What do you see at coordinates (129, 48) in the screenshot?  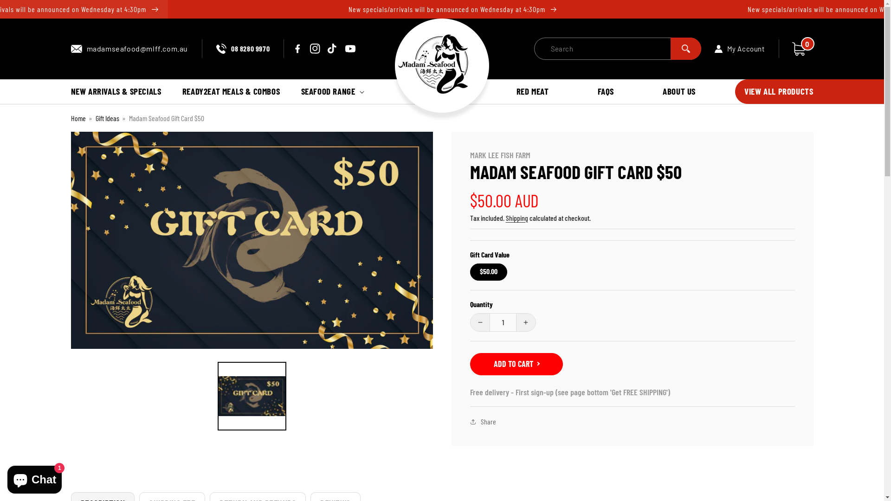 I see `'madamseafood@mlff.com.au'` at bounding box center [129, 48].